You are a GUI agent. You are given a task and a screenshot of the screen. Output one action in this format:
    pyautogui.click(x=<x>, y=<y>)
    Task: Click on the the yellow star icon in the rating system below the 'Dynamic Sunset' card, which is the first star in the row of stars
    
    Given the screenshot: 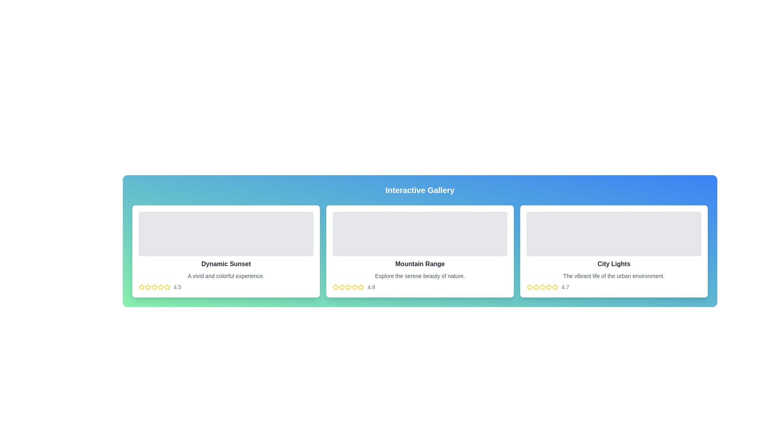 What is the action you would take?
    pyautogui.click(x=148, y=287)
    